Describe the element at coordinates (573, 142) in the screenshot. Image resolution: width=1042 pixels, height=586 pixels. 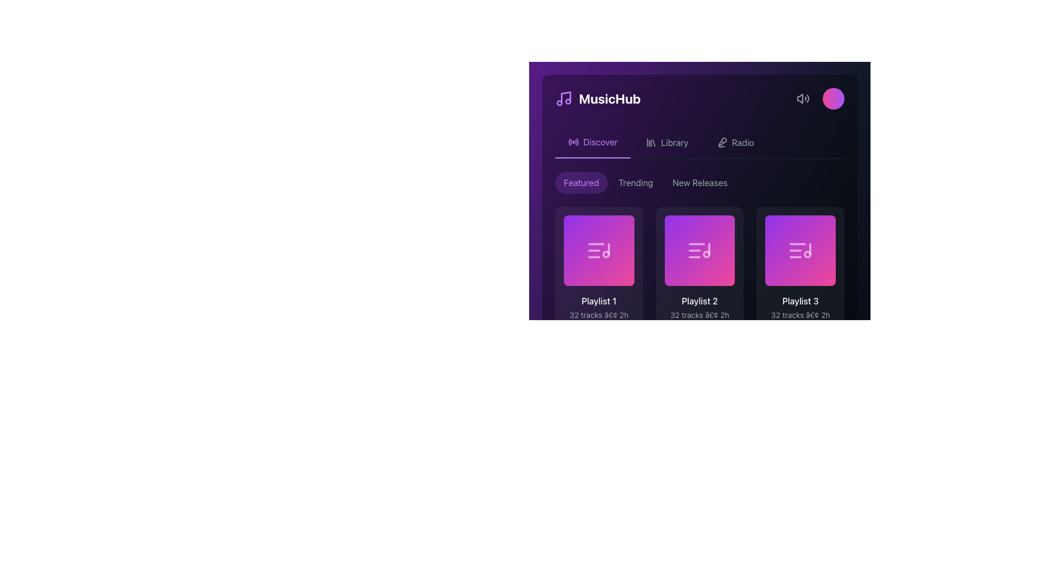
I see `the 'Discover' icon in the navigation bar, which represents the radio or broadcast-related discovery feature, located to the left of the 'Discover' text label` at that location.